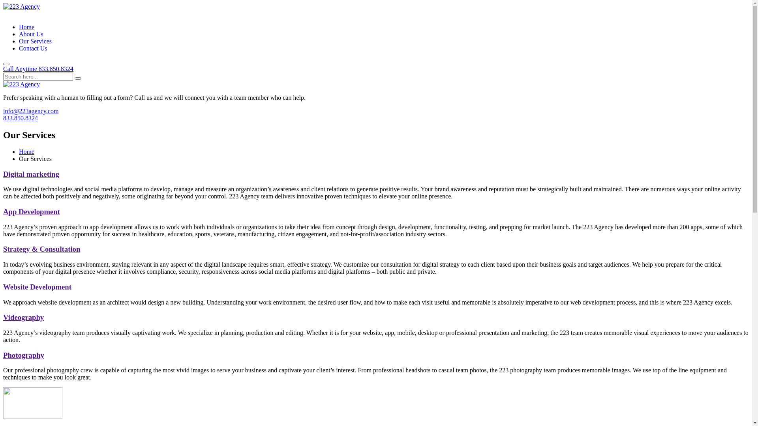 The width and height of the screenshot is (758, 426). I want to click on 'App Development', so click(32, 211).